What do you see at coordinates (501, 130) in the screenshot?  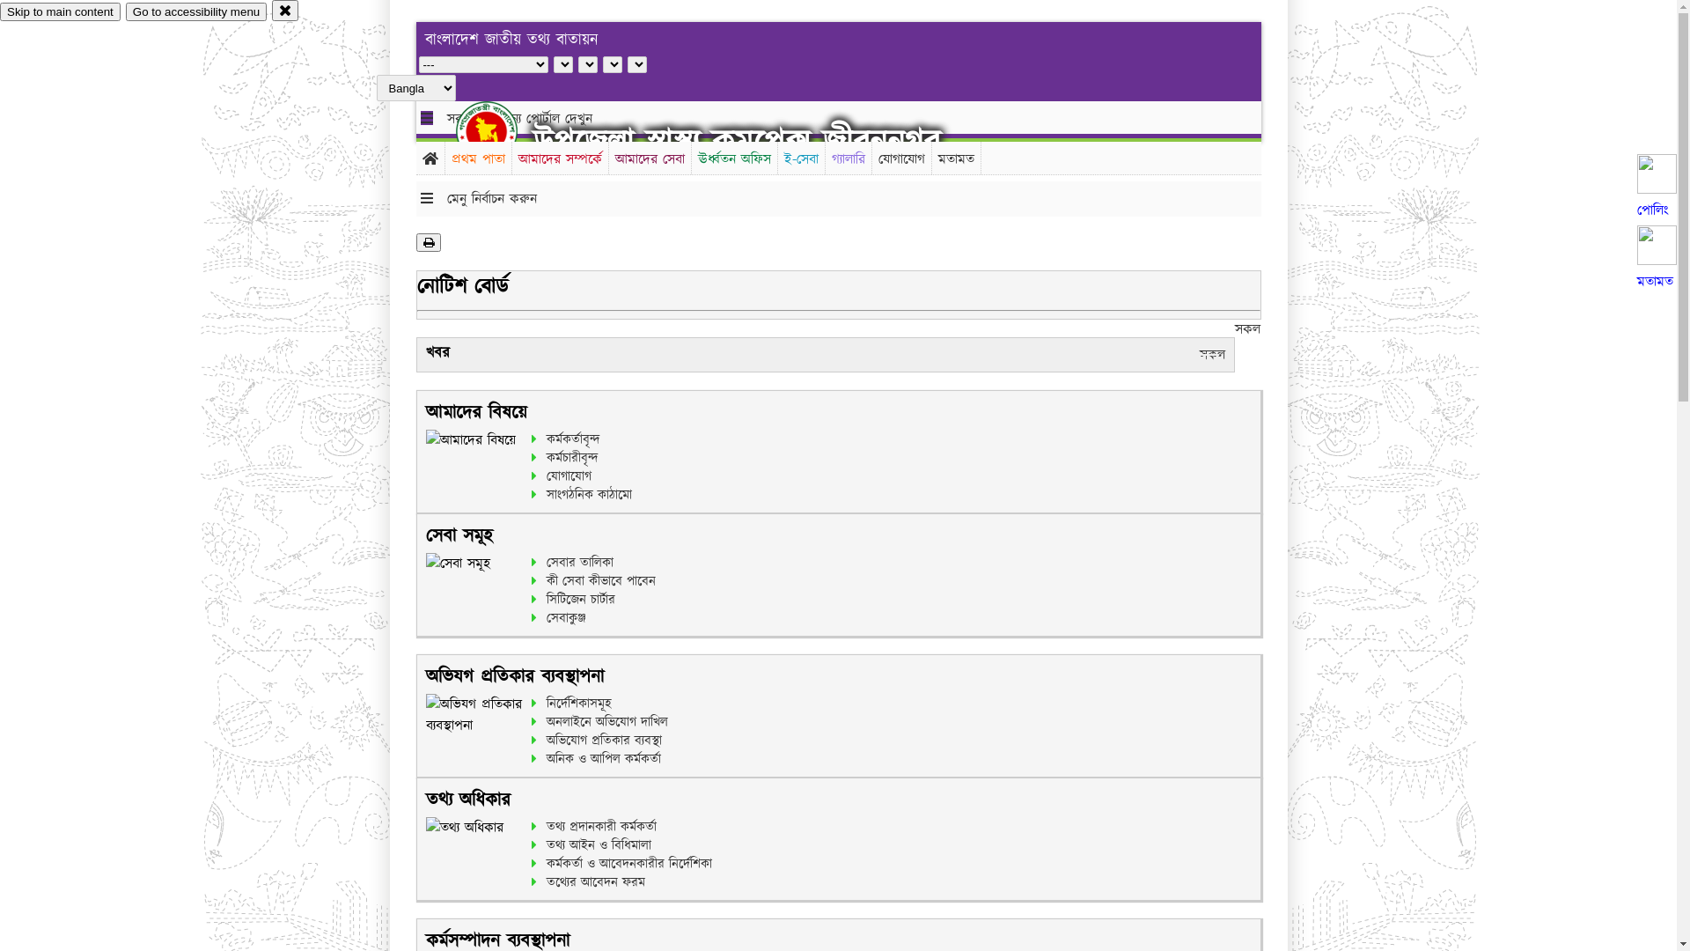 I see `'` at bounding box center [501, 130].